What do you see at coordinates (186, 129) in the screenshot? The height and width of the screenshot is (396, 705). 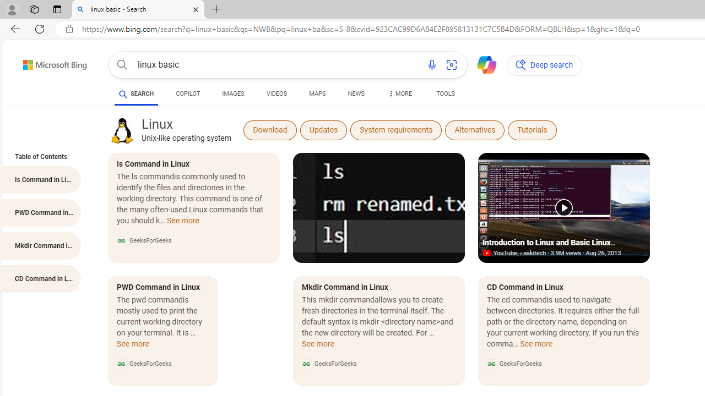 I see `'Linux Unix-like operating system'` at bounding box center [186, 129].